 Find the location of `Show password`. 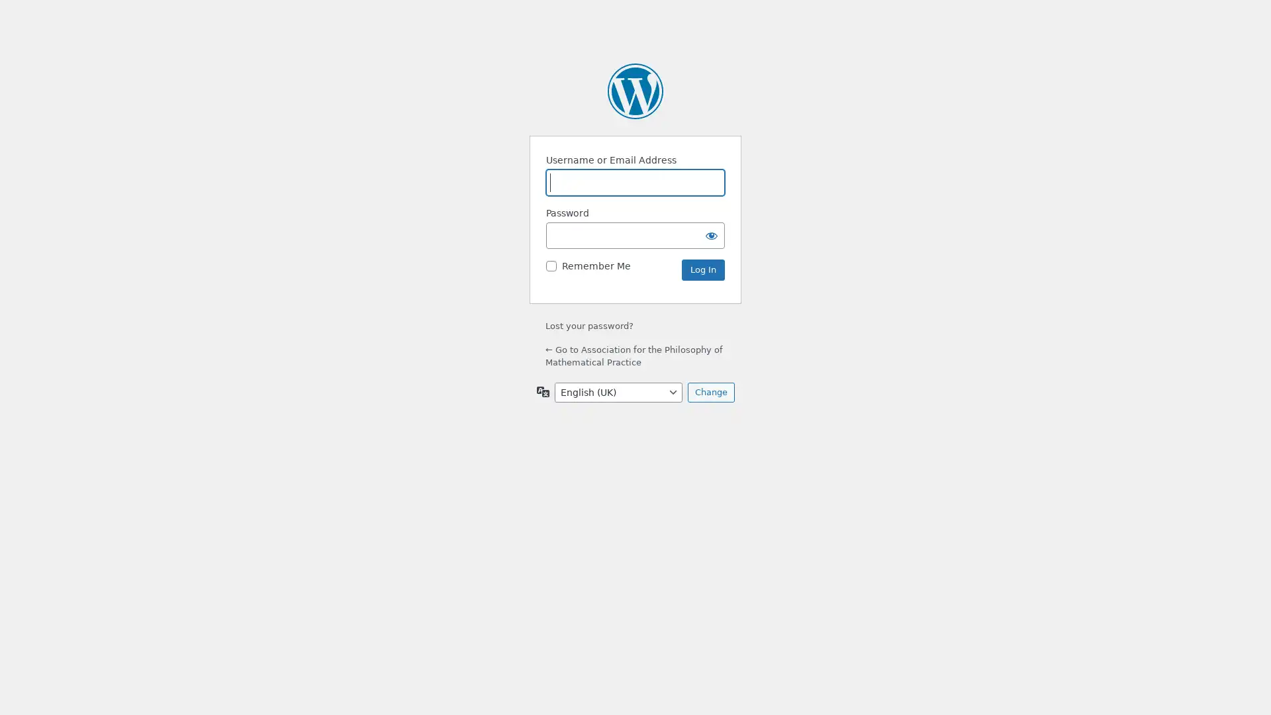

Show password is located at coordinates (711, 234).